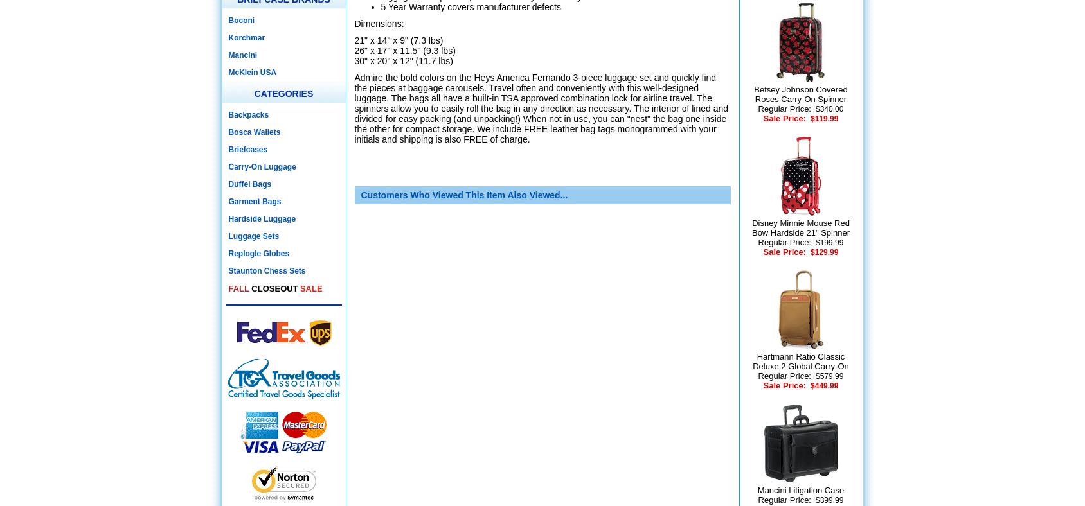 The height and width of the screenshot is (506, 1085). I want to click on 'Bosca Wallets', so click(254, 131).